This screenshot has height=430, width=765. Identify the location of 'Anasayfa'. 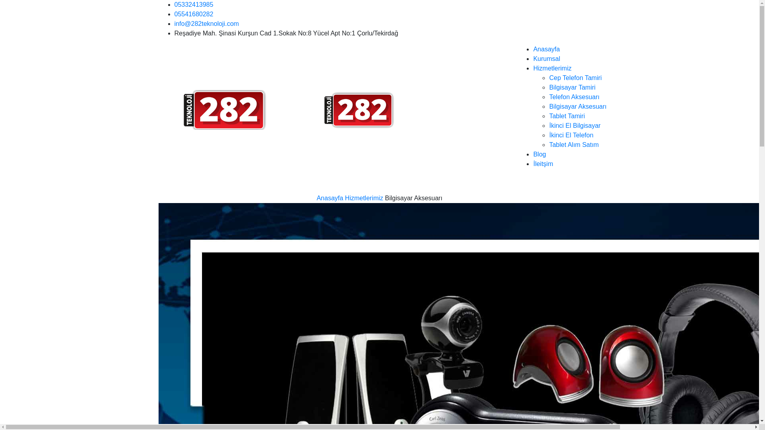
(546, 49).